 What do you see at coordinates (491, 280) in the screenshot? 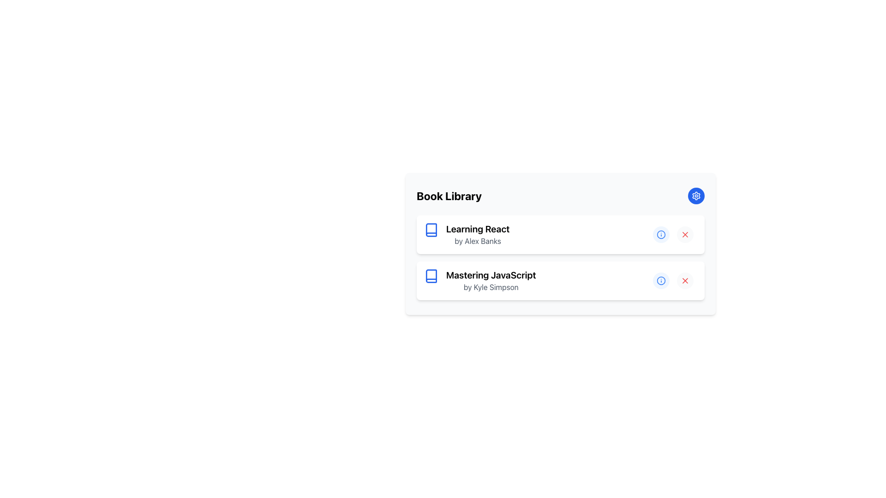
I see `the text component displaying the title 'Mastering JavaScript' by Kyle Simpson, located in the Book Library section, below 'Learning React'` at bounding box center [491, 280].